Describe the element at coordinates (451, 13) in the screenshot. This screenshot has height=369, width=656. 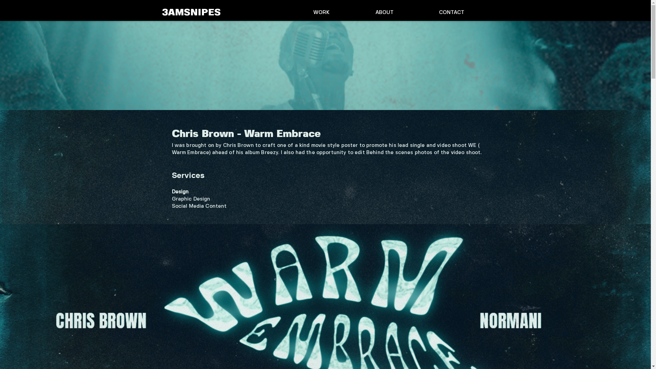
I see `'CONTACT'` at that location.